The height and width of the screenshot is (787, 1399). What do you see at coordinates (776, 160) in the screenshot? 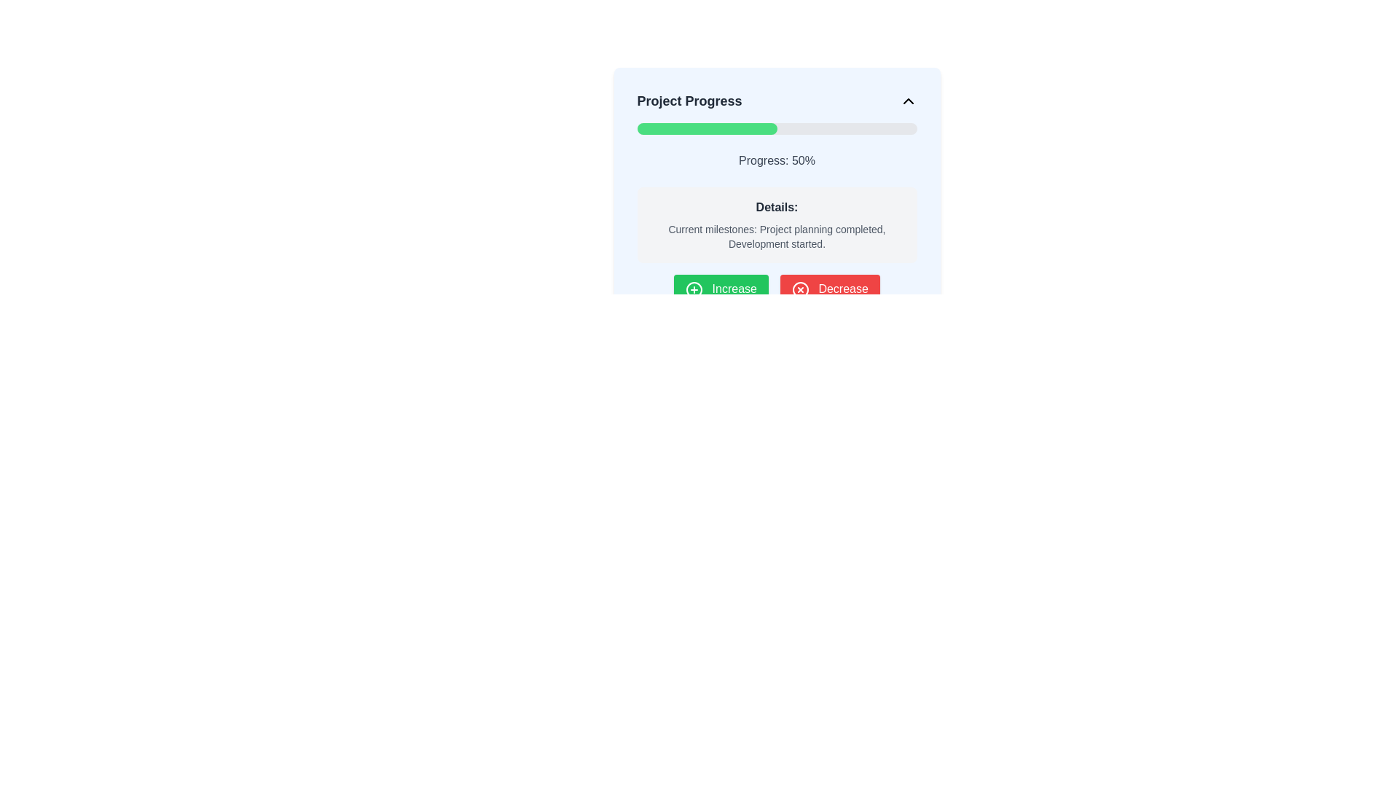
I see `the Text Label that displays the current progress of a project, located below the green progress bar and above the 'Details:' section within the 'Project Progress' card` at bounding box center [776, 160].